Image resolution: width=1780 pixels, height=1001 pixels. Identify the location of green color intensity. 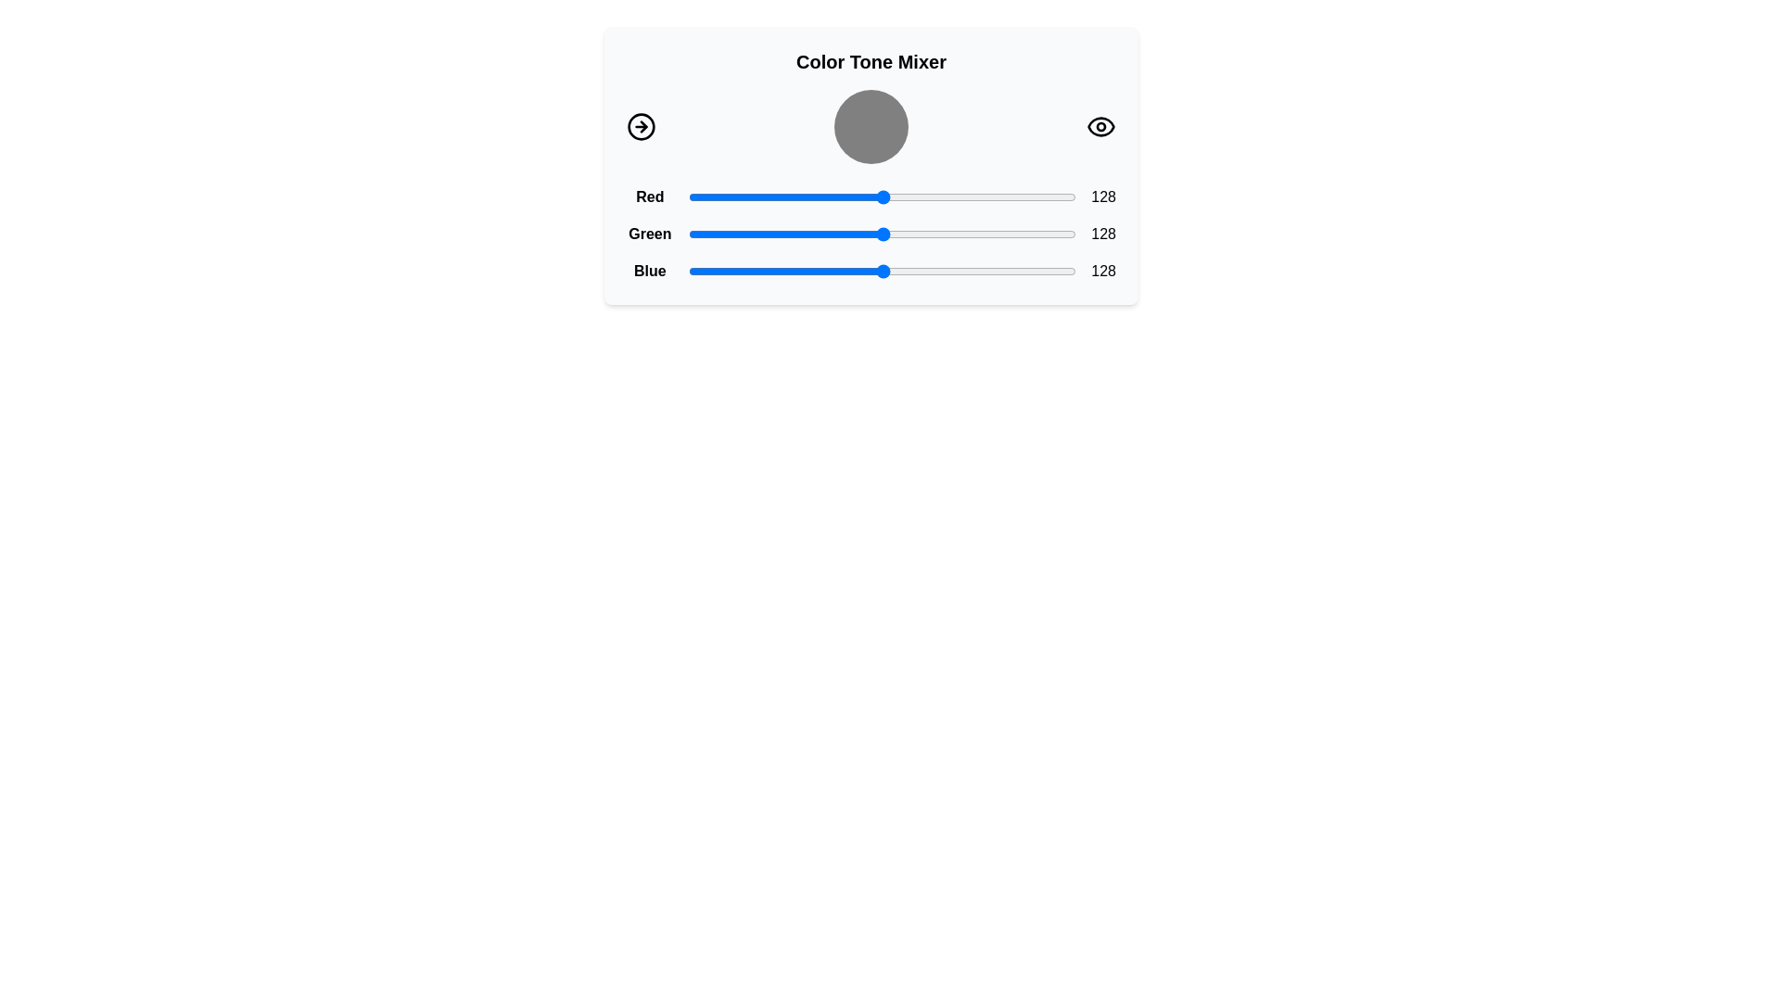
(1067, 234).